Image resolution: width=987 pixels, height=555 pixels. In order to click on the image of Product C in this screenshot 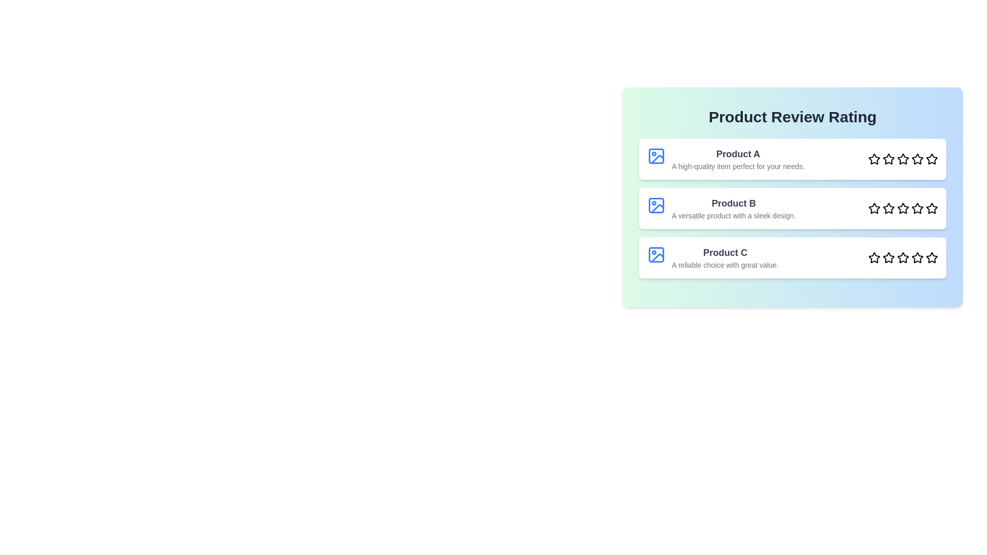, I will do `click(655, 254)`.